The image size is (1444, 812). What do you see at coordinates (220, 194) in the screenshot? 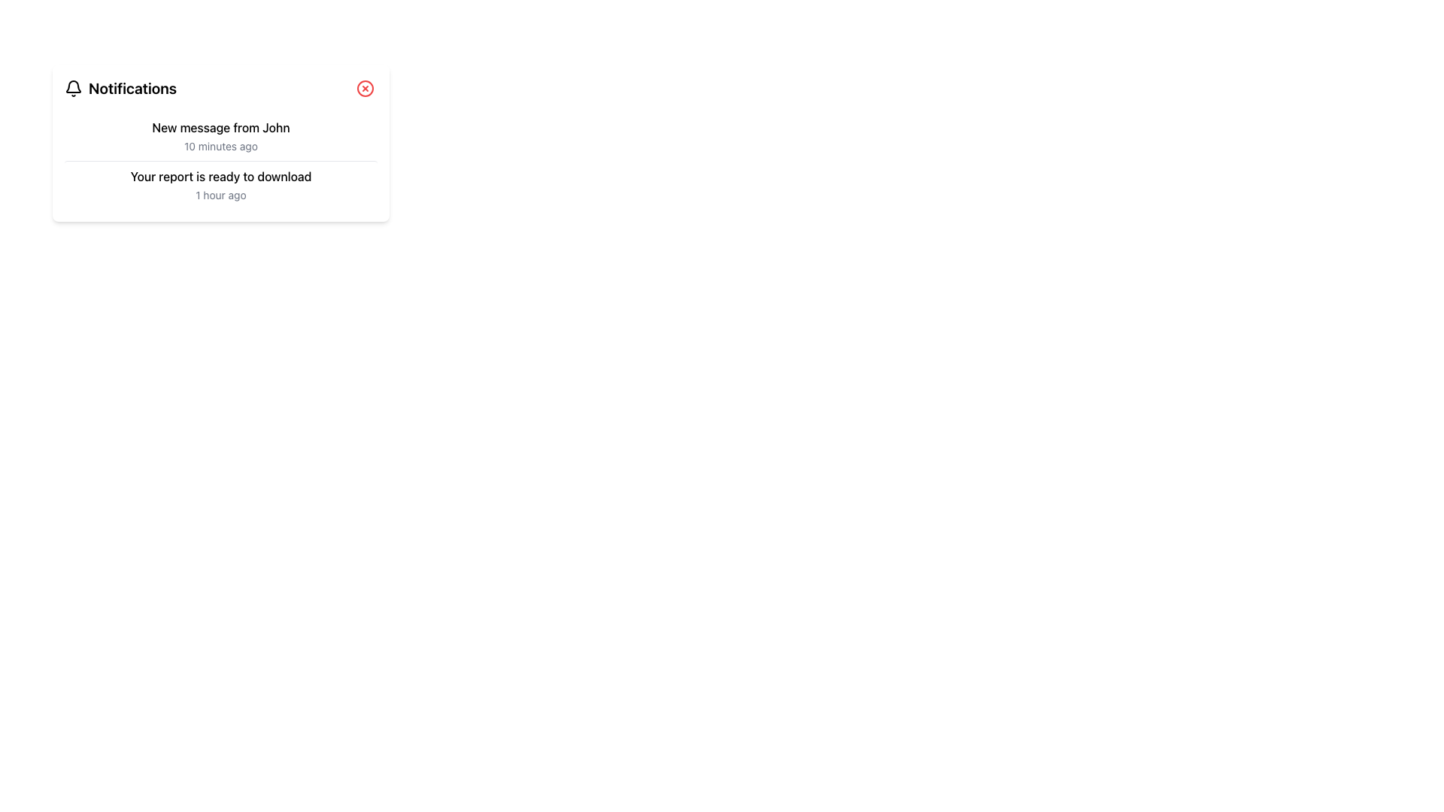
I see `the text label displaying '1 hour ago', which is in a small, gray font located within the notification message card under the text 'Your report is ready to download'` at bounding box center [220, 194].